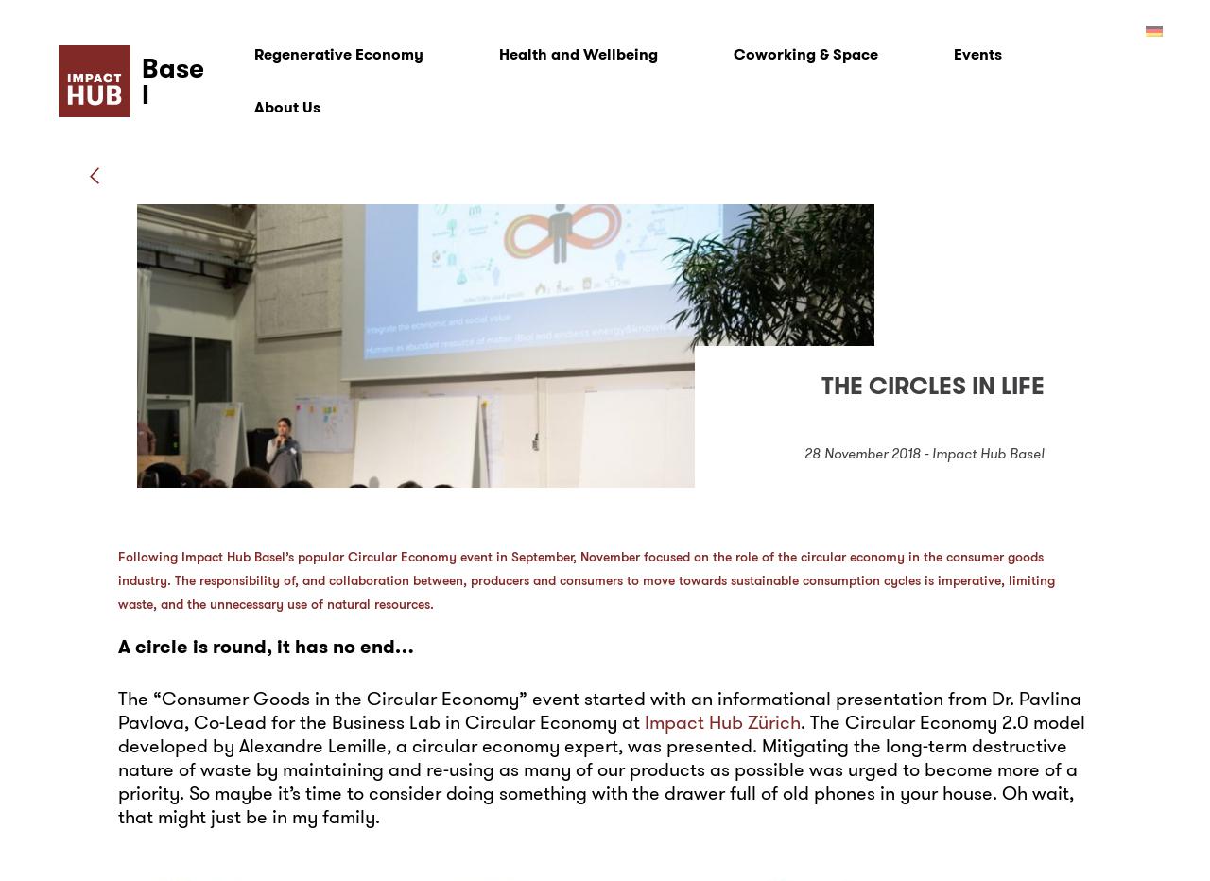 The width and height of the screenshot is (1210, 881). What do you see at coordinates (285, 374) in the screenshot?
I see `'Global Network'` at bounding box center [285, 374].